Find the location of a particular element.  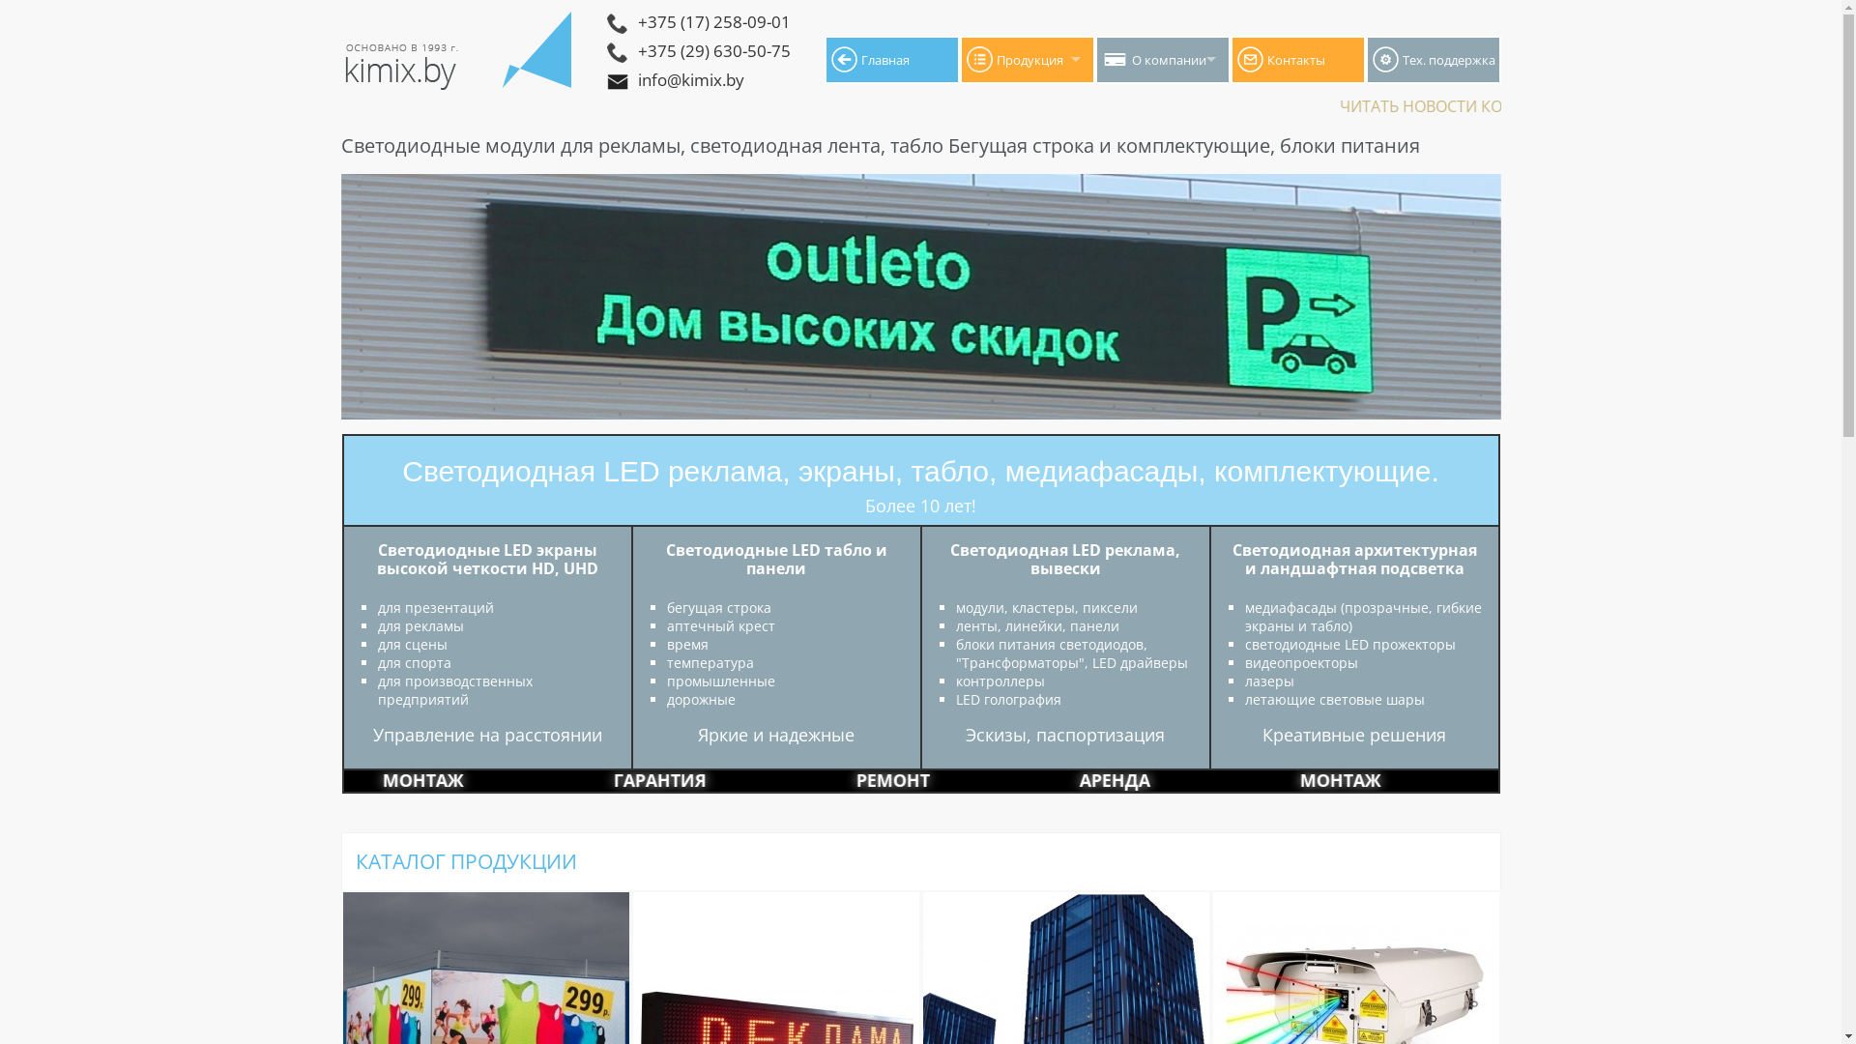

'+375 (17) 258-09-01' is located at coordinates (763, 23).